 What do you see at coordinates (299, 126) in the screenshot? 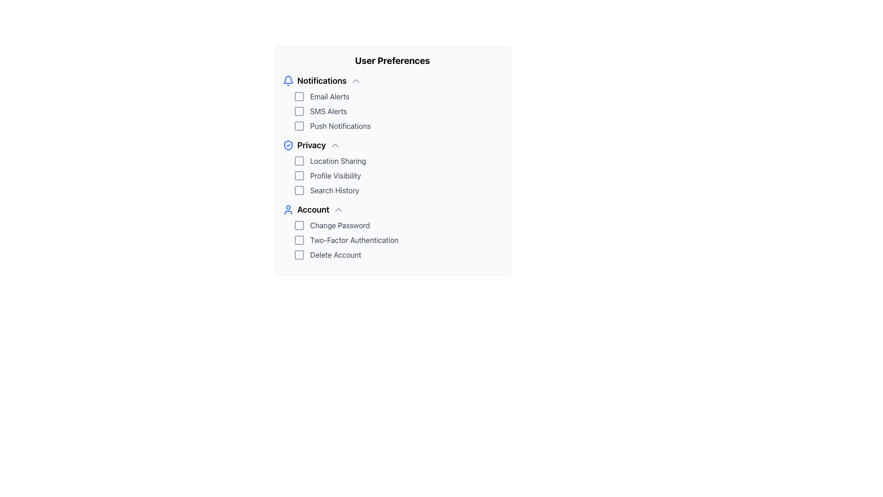
I see `the 'Push Notifications' Checkbox located beneath the 'Notifications' heading` at bounding box center [299, 126].